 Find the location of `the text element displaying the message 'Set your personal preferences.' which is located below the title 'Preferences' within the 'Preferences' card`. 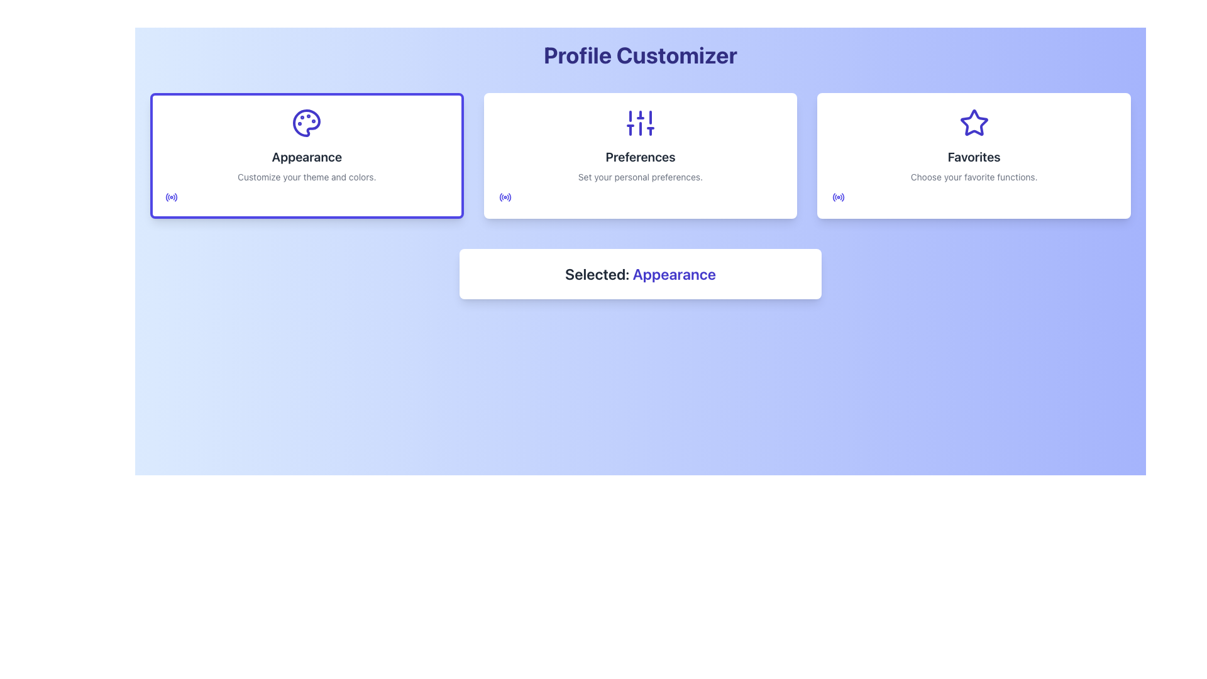

the text element displaying the message 'Set your personal preferences.' which is located below the title 'Preferences' within the 'Preferences' card is located at coordinates (640, 177).